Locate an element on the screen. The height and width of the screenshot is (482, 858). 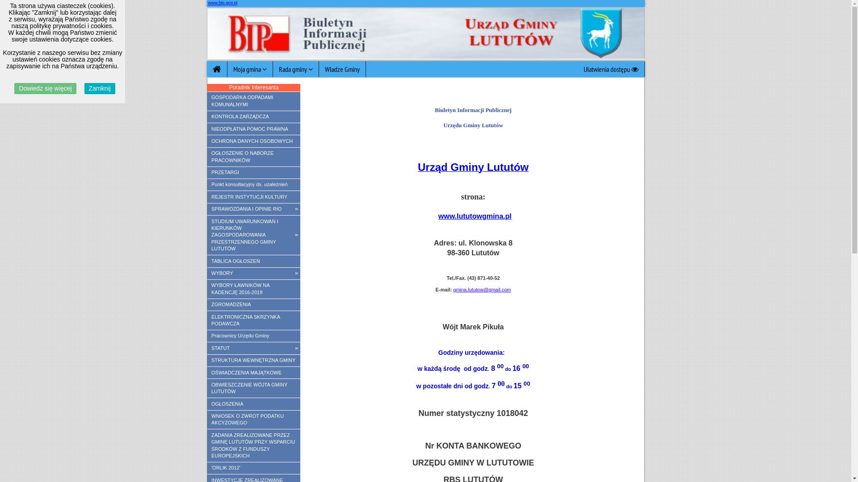
''ORLIK 2012'' is located at coordinates (253, 468).